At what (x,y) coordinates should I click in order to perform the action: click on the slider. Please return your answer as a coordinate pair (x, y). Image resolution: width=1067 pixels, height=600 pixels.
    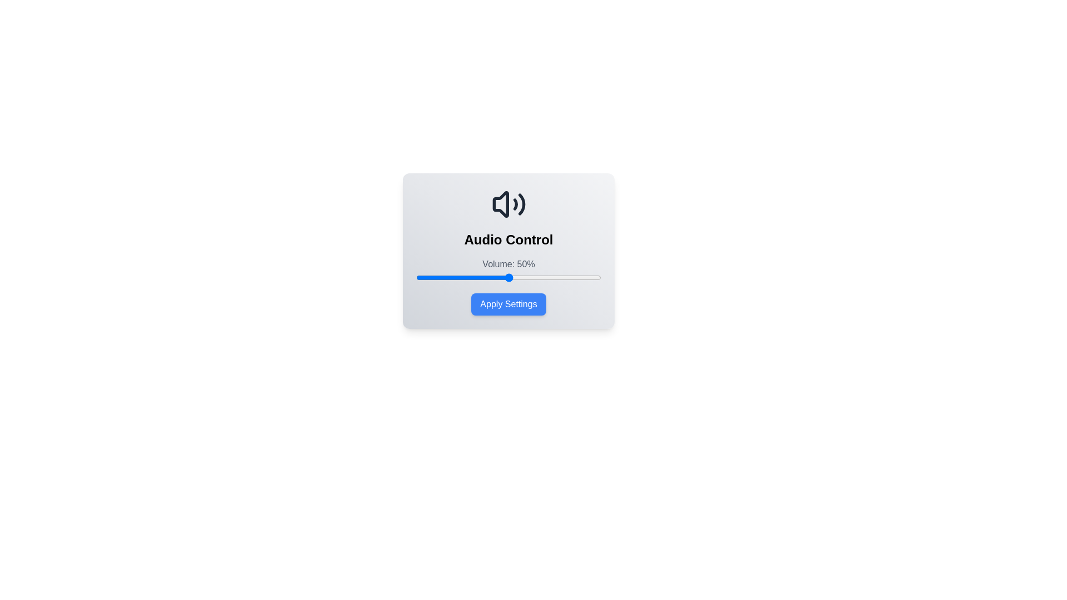
    Looking at the image, I should click on (580, 277).